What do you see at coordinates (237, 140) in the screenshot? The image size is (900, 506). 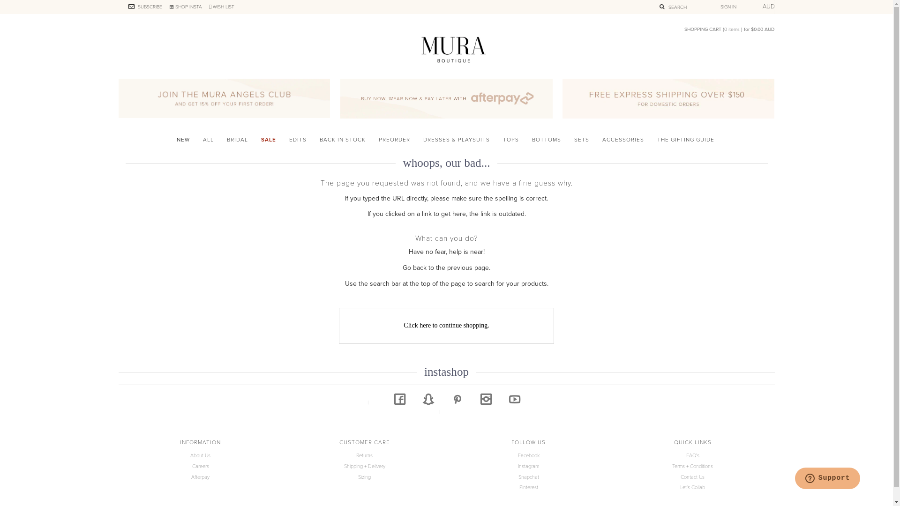 I see `'BRIDAL'` at bounding box center [237, 140].